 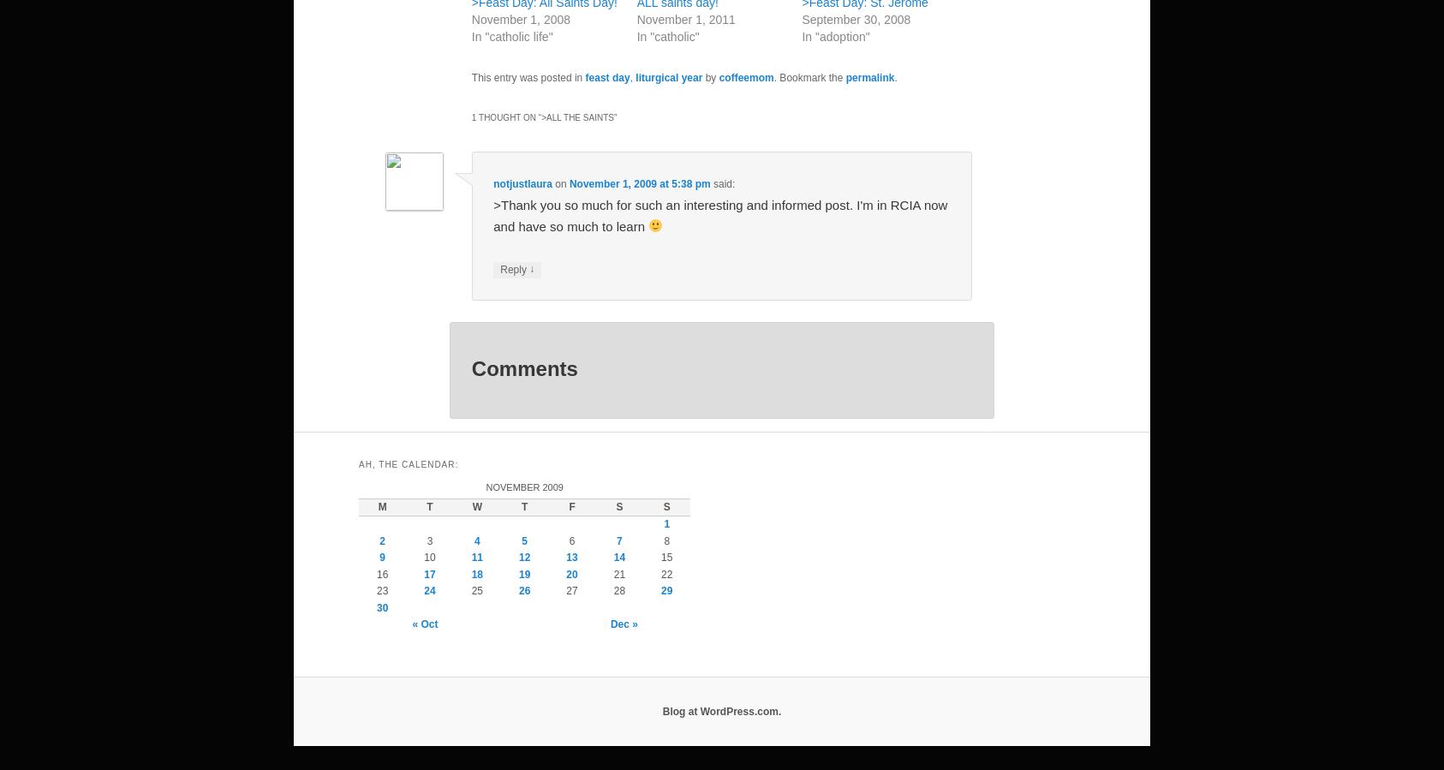 I want to click on 'Blog at WordPress.com.', so click(x=721, y=710).